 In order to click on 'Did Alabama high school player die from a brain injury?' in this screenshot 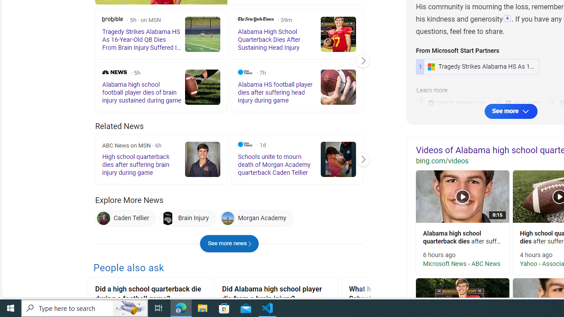, I will do `click(276, 295)`.